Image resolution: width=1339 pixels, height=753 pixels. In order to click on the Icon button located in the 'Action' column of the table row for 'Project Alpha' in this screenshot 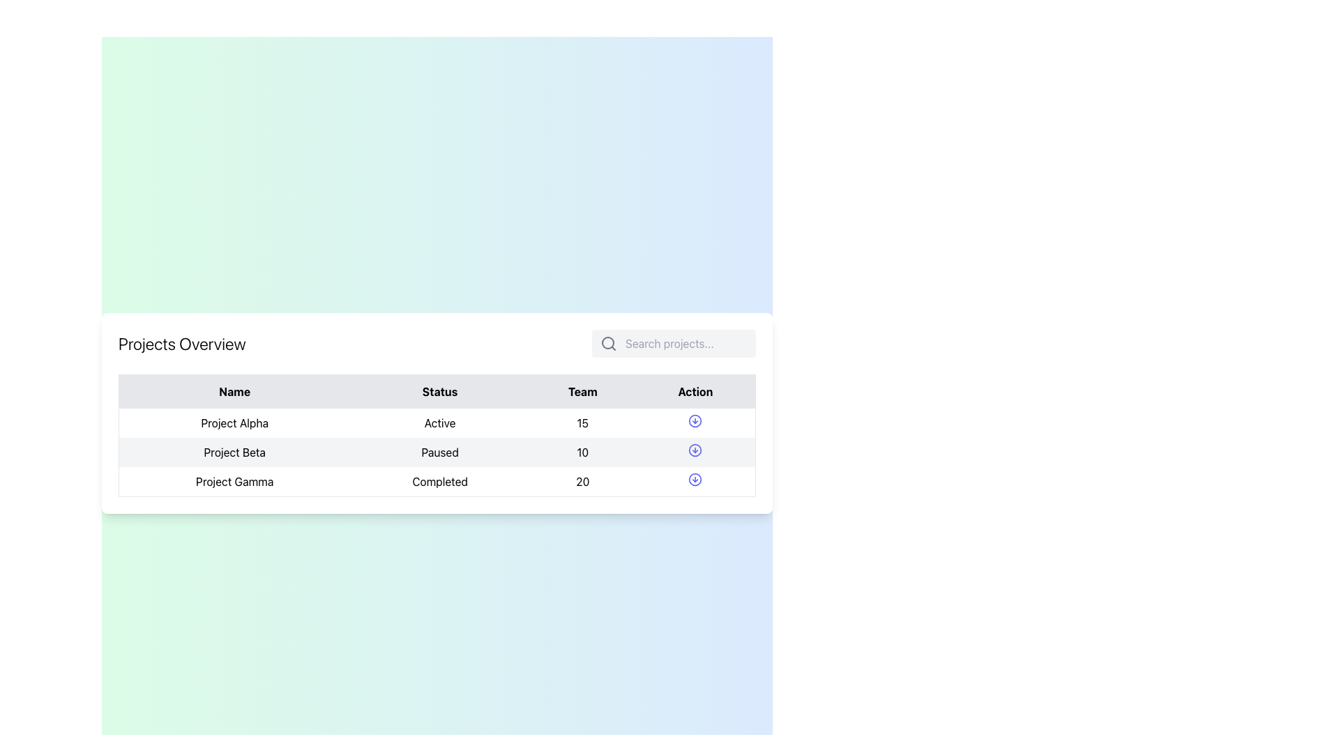, I will do `click(695, 422)`.